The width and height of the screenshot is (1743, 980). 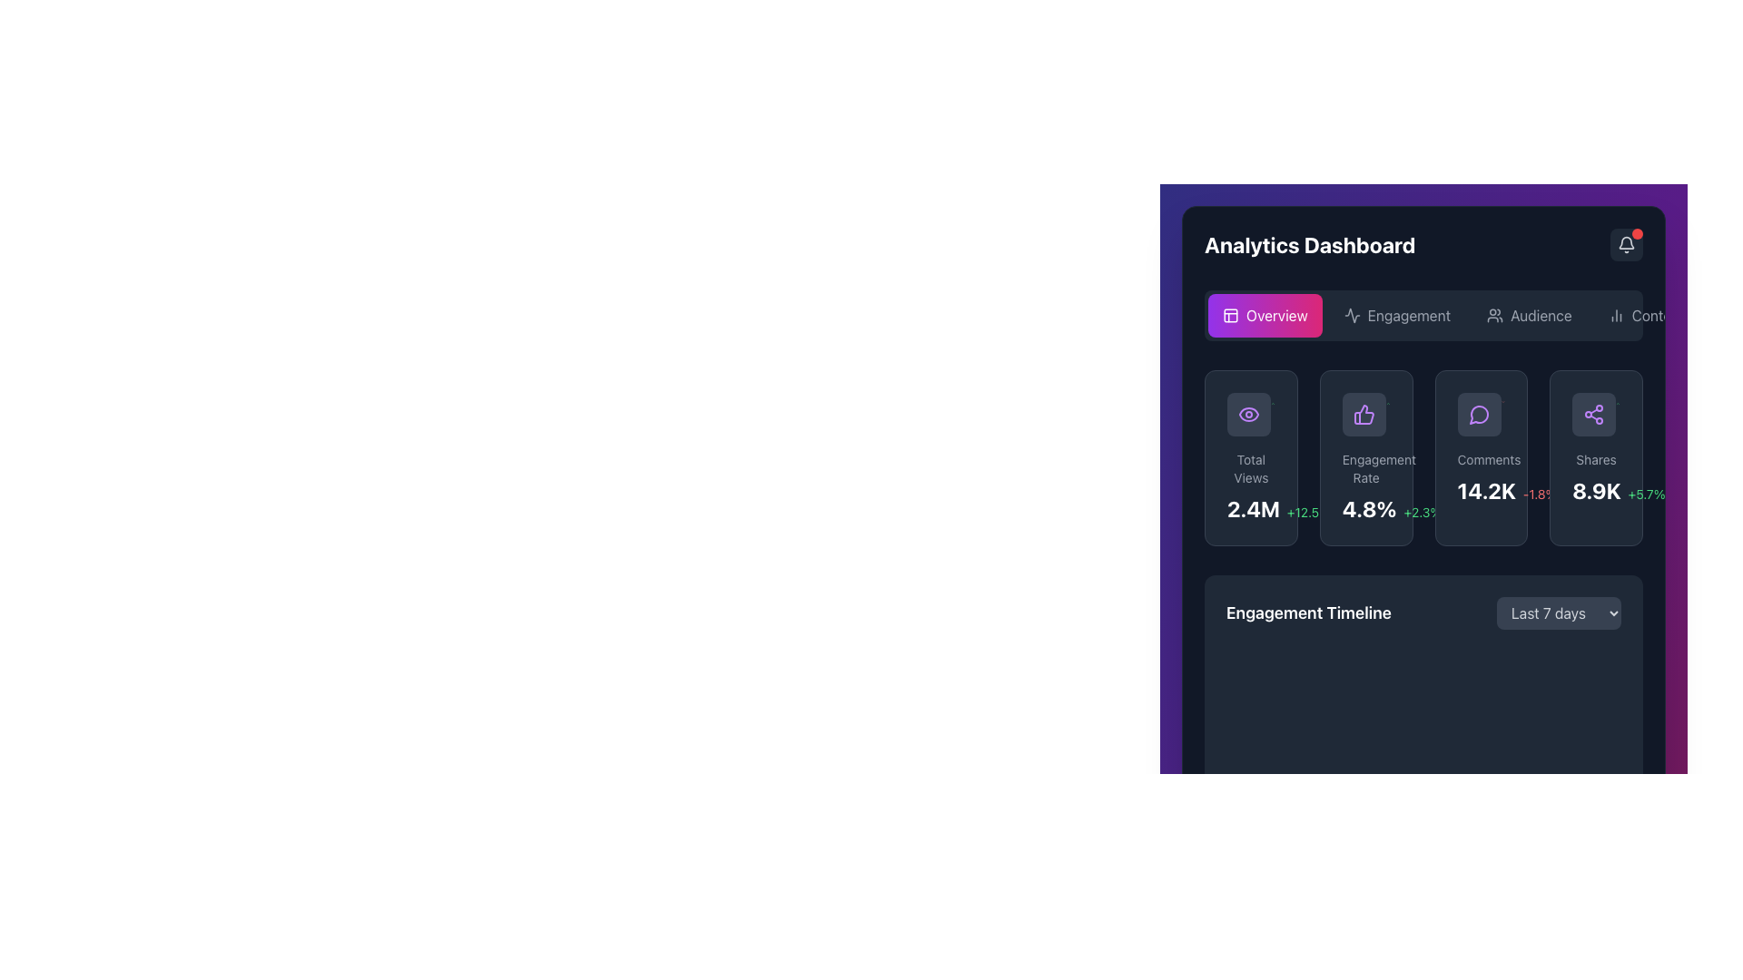 What do you see at coordinates (1422, 512) in the screenshot?
I see `the incremental change indicator Text Label displaying '+2.3%' related to the 'Engagement Rate', which is positioned to the right of '4.8%'` at bounding box center [1422, 512].